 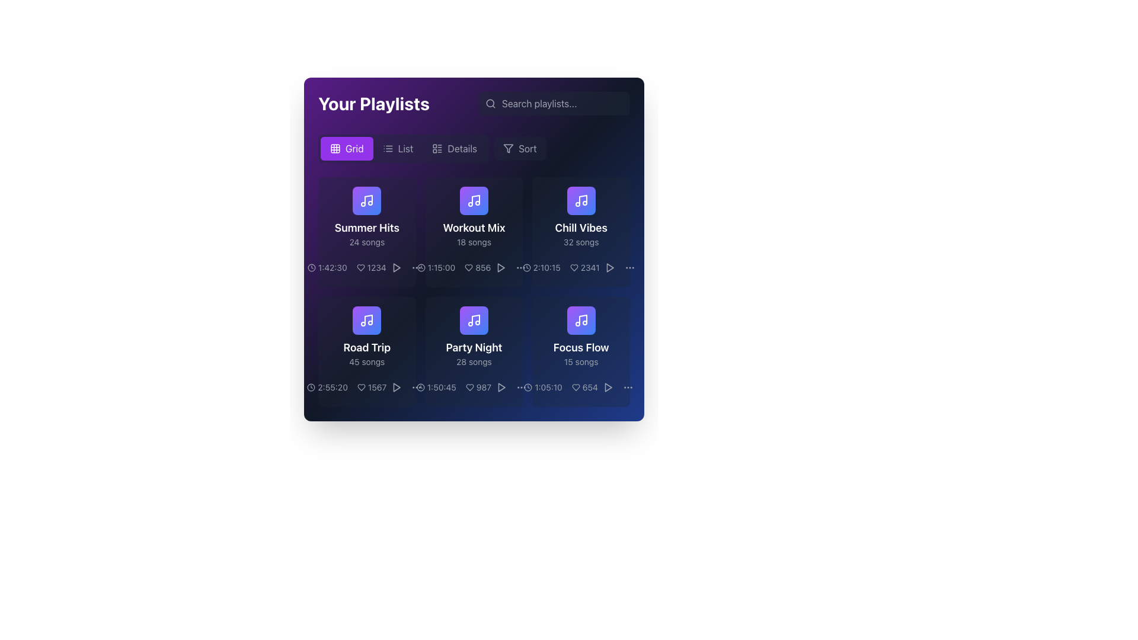 I want to click on the ellipsis icon for options or menu at the bottom-right corner of the 'Focus Flow' playlist card, so click(x=522, y=388).